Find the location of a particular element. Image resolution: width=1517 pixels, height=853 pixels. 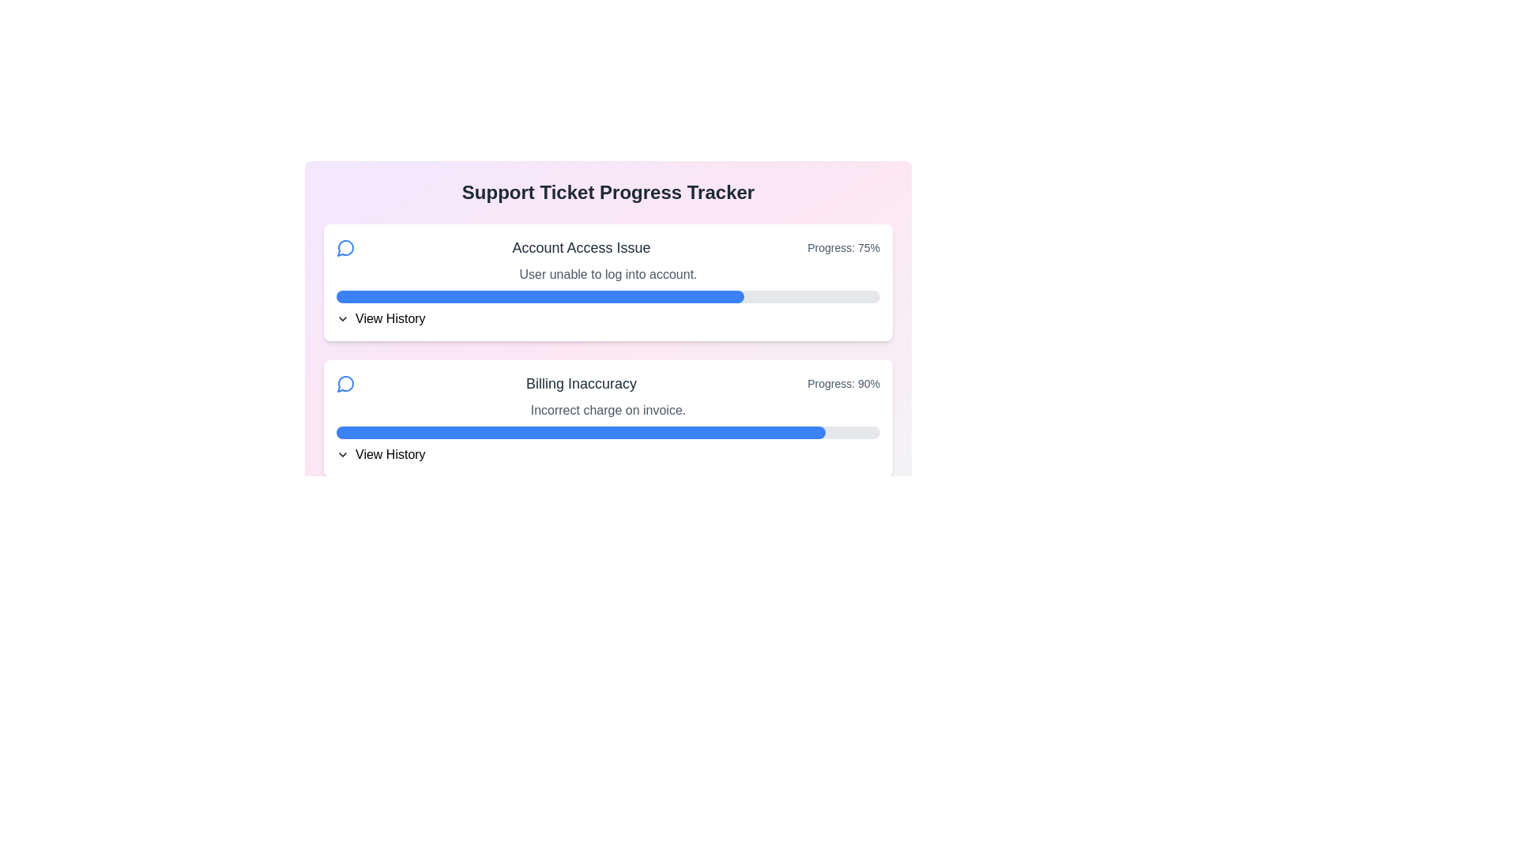

the 'View History' text label located below the progress bar in the 'Billing Inaccuracy' section to initiate viewing the history is located at coordinates (390, 454).